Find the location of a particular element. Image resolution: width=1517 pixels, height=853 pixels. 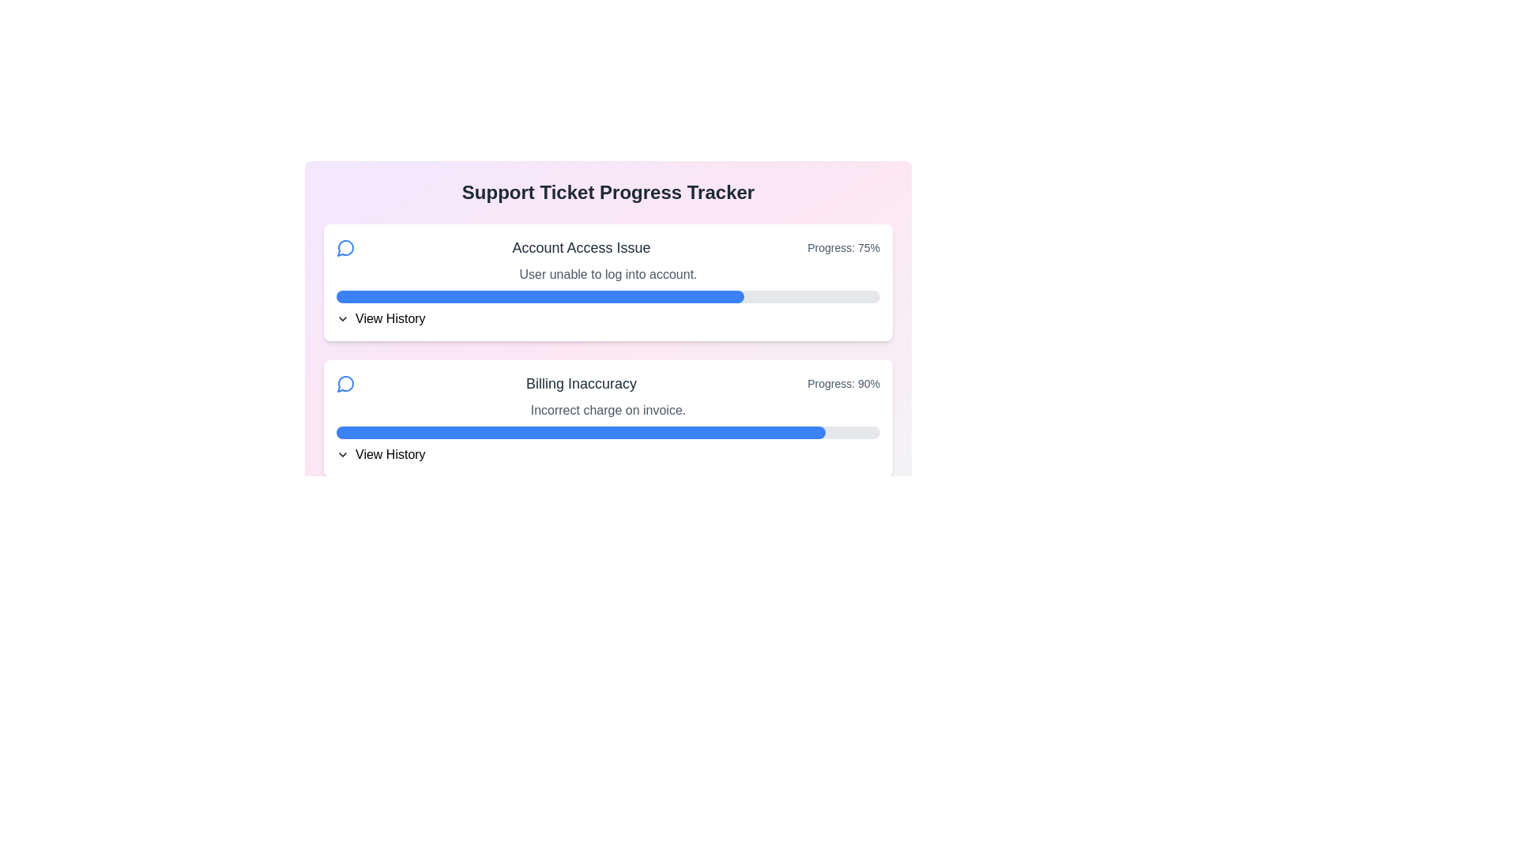

the 'View History' text label located below the progress bar in the 'Billing Inaccuracy' section to initiate viewing the history is located at coordinates (390, 454).